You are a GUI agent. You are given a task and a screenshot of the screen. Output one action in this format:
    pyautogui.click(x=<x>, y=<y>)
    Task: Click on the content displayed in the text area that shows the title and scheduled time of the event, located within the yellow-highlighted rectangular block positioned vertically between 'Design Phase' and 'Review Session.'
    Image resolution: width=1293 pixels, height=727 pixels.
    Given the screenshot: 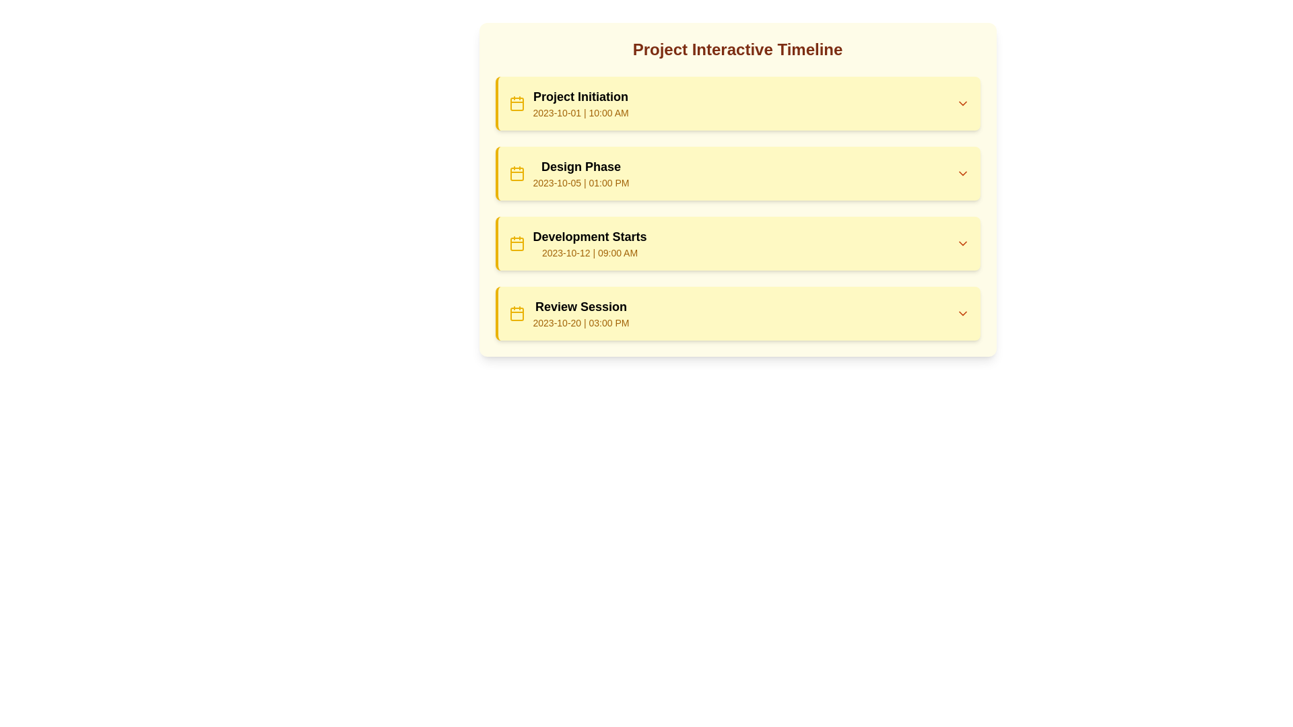 What is the action you would take?
    pyautogui.click(x=590, y=244)
    